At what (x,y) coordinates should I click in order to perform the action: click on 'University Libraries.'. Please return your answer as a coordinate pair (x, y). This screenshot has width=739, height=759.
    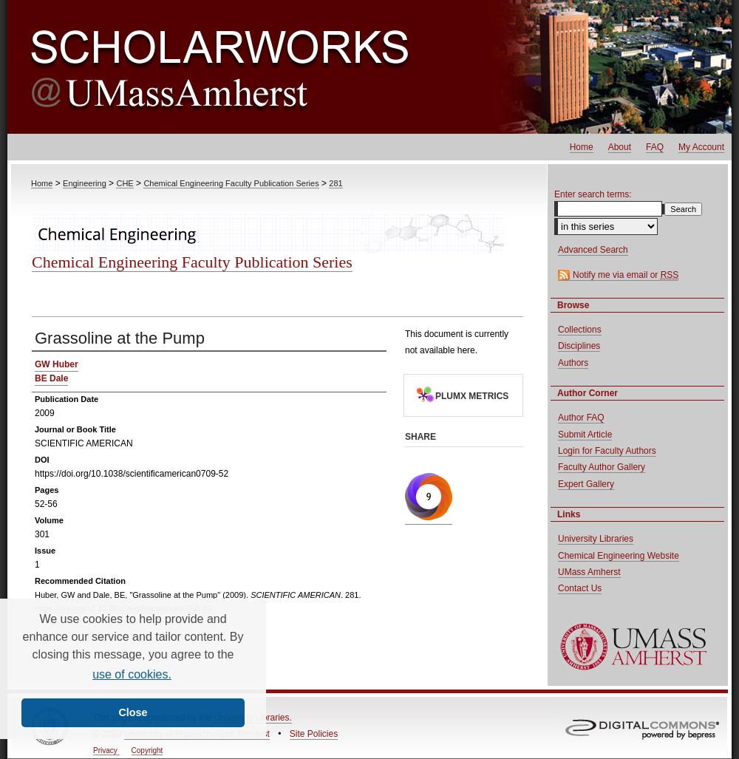
    Looking at the image, I should click on (251, 717).